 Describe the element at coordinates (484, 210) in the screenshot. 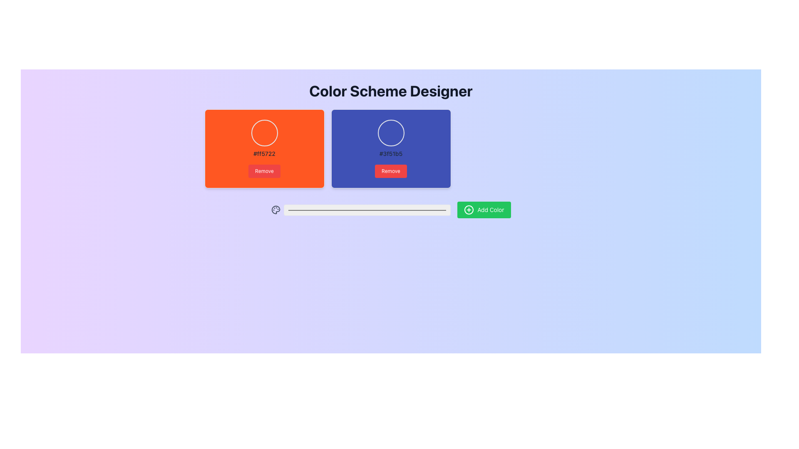

I see `the button located at the far right of the interface, which is used` at that location.